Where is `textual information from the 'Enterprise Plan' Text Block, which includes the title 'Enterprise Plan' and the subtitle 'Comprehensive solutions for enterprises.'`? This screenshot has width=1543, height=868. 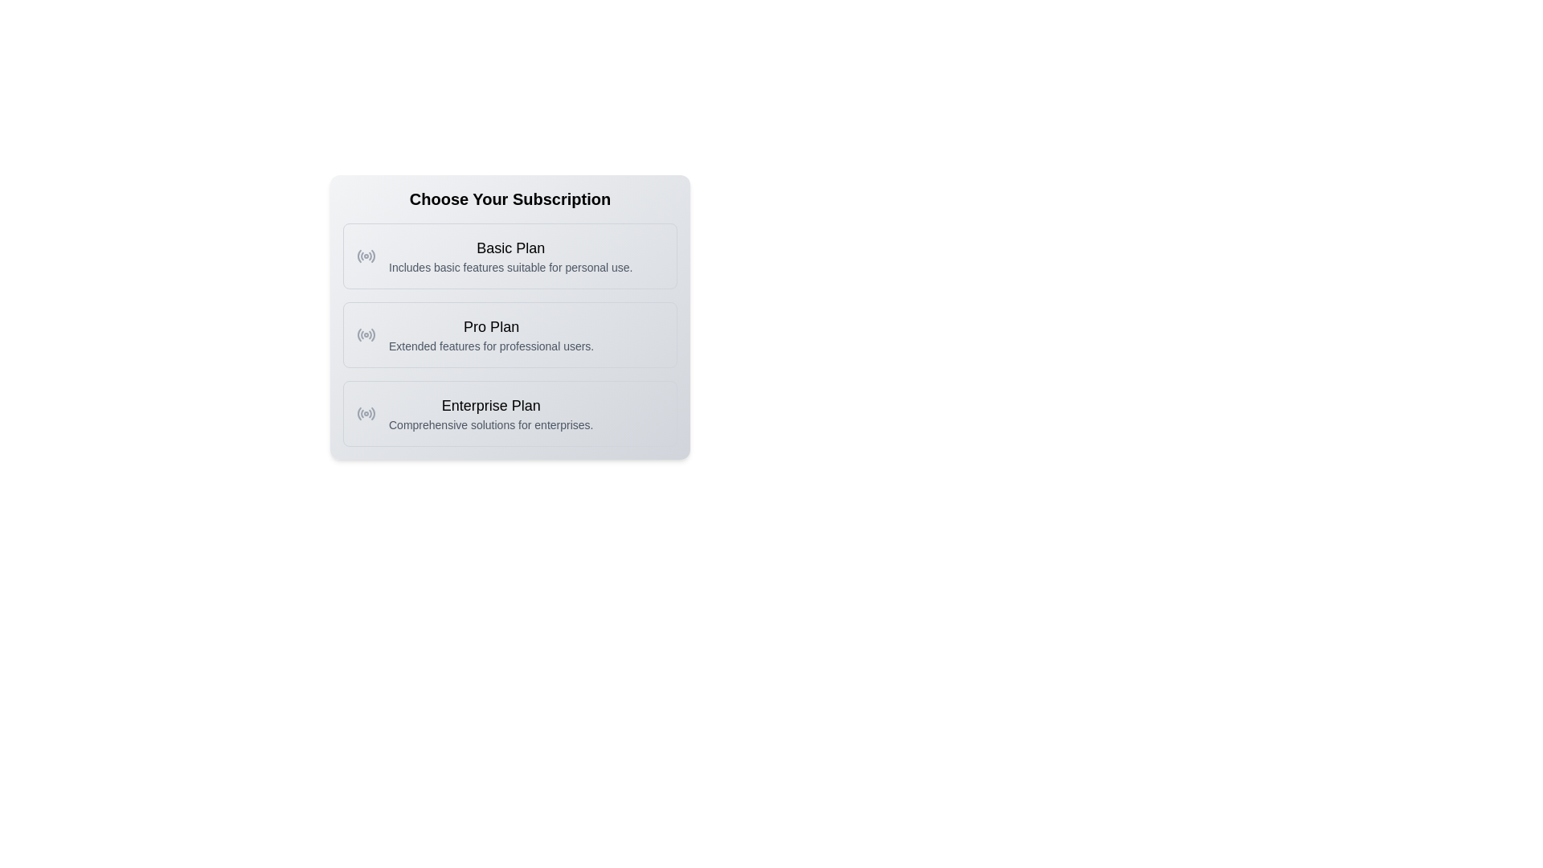
textual information from the 'Enterprise Plan' Text Block, which includes the title 'Enterprise Plan' and the subtitle 'Comprehensive solutions for enterprises.' is located at coordinates (490, 413).